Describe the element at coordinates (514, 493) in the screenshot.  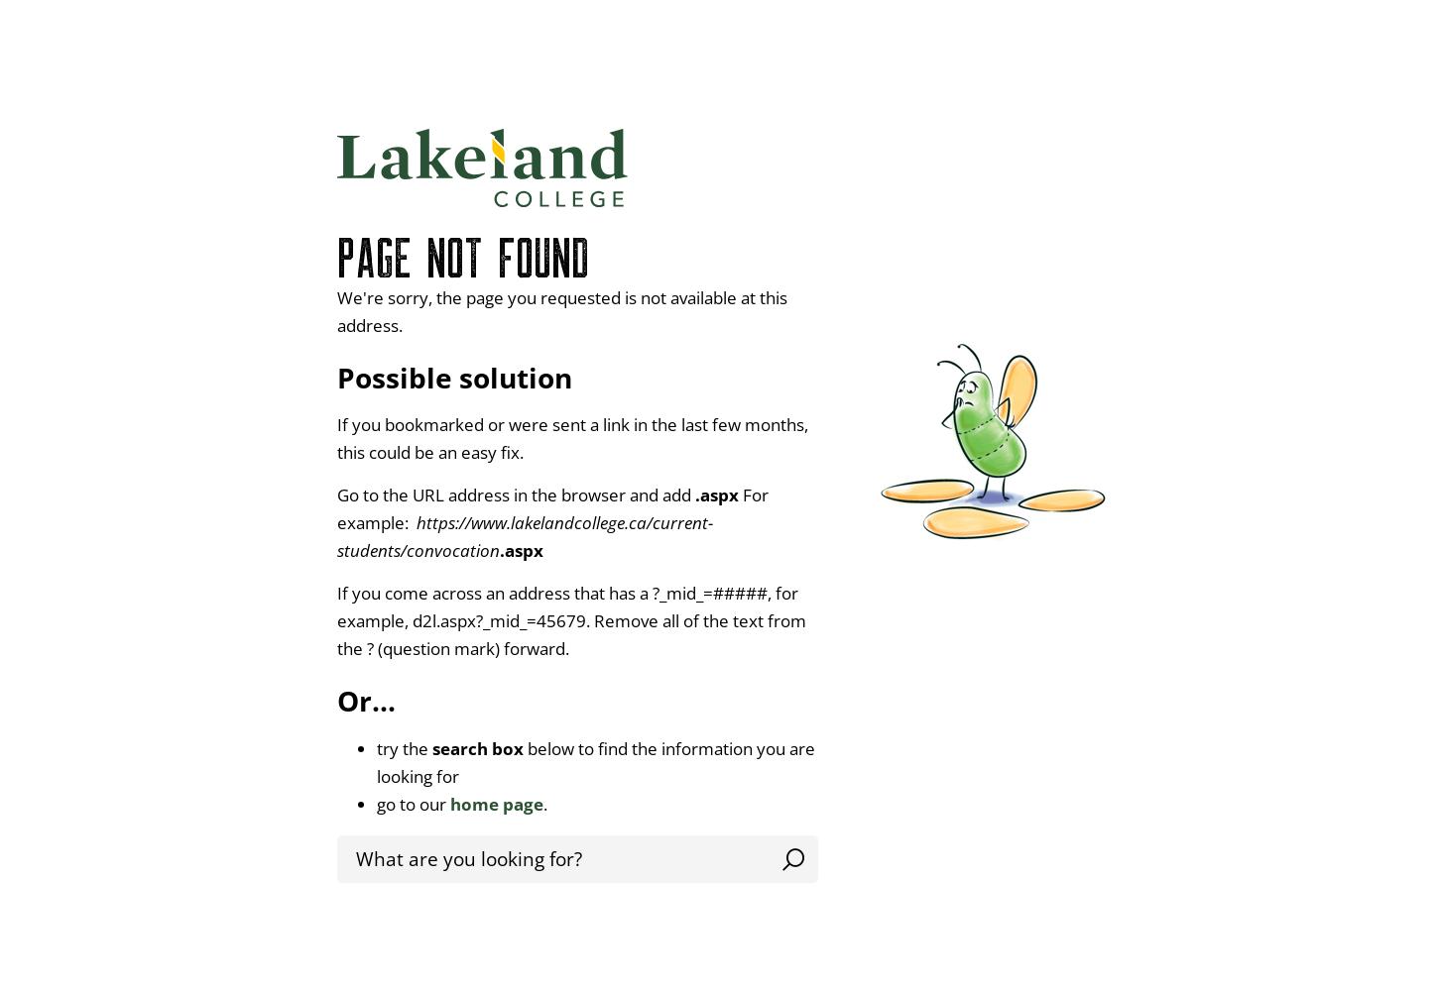
I see `'Go to the URL address in the browser and add'` at that location.